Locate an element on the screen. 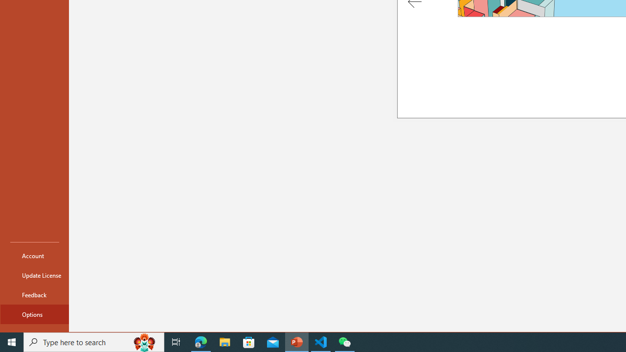  'Update License' is located at coordinates (35, 275).